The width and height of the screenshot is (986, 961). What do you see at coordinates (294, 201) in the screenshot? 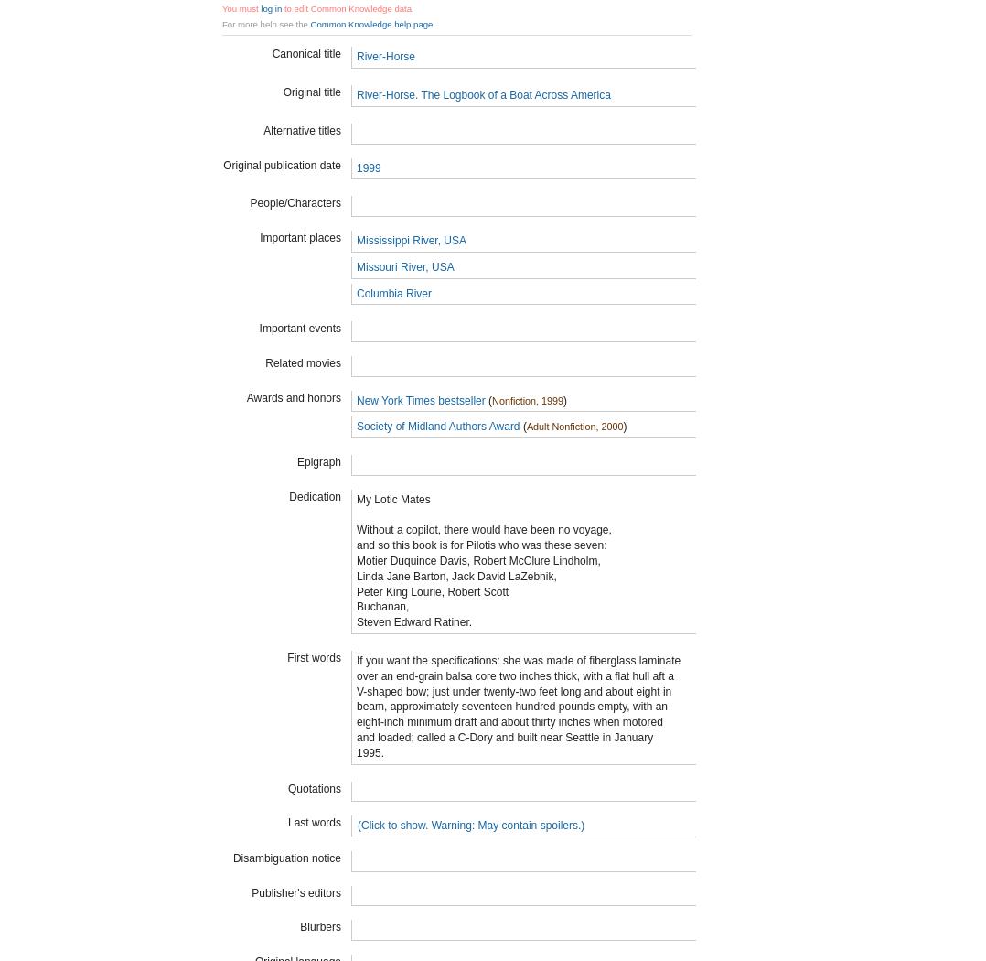
I see `'People/Characters'` at bounding box center [294, 201].